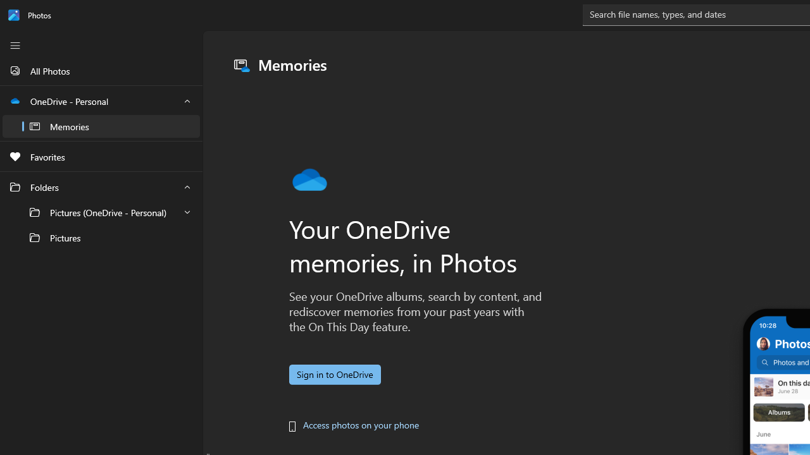  What do you see at coordinates (360, 425) in the screenshot?
I see `'Access photos on your phone'` at bounding box center [360, 425].